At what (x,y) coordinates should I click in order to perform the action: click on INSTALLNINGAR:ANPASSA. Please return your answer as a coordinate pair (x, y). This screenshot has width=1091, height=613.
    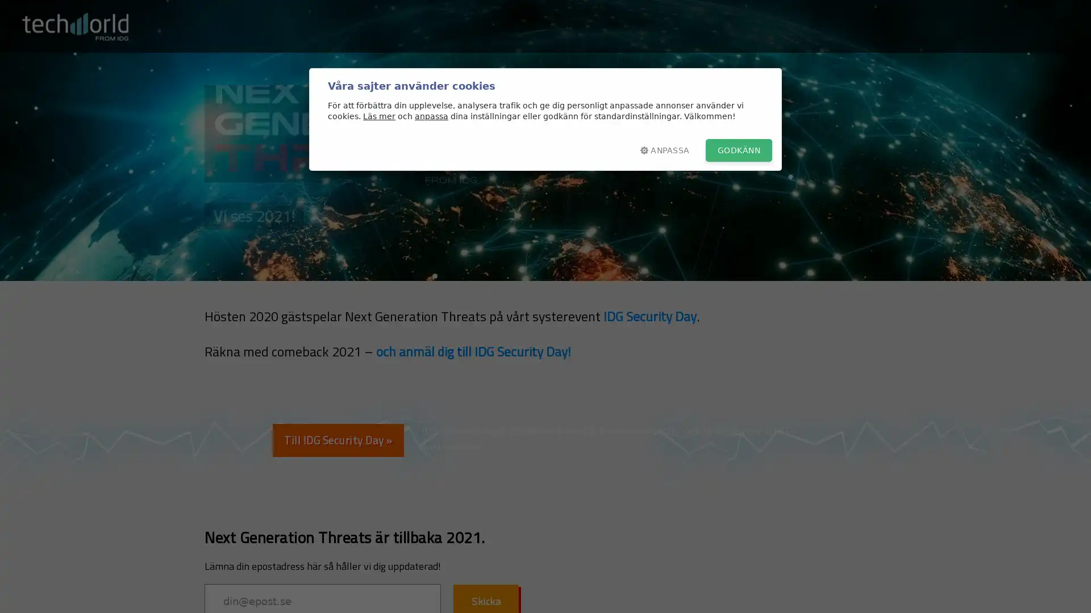
    Looking at the image, I should click on (664, 150).